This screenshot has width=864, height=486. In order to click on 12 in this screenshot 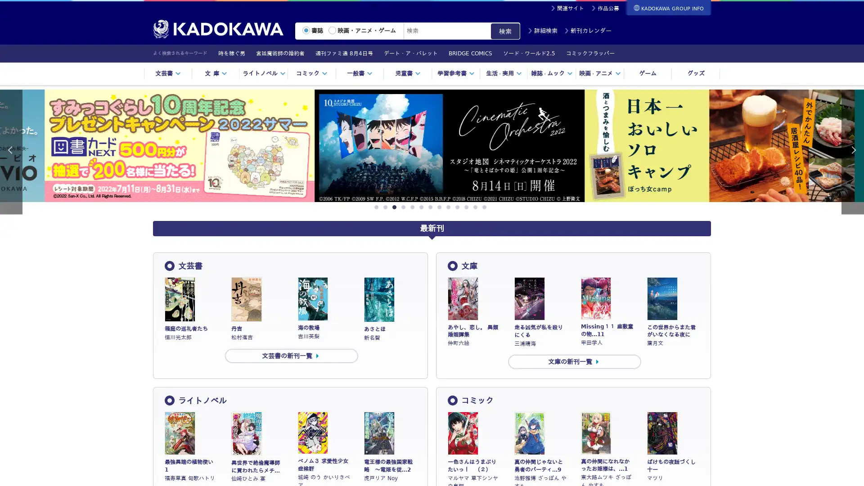, I will do `click(477, 207)`.